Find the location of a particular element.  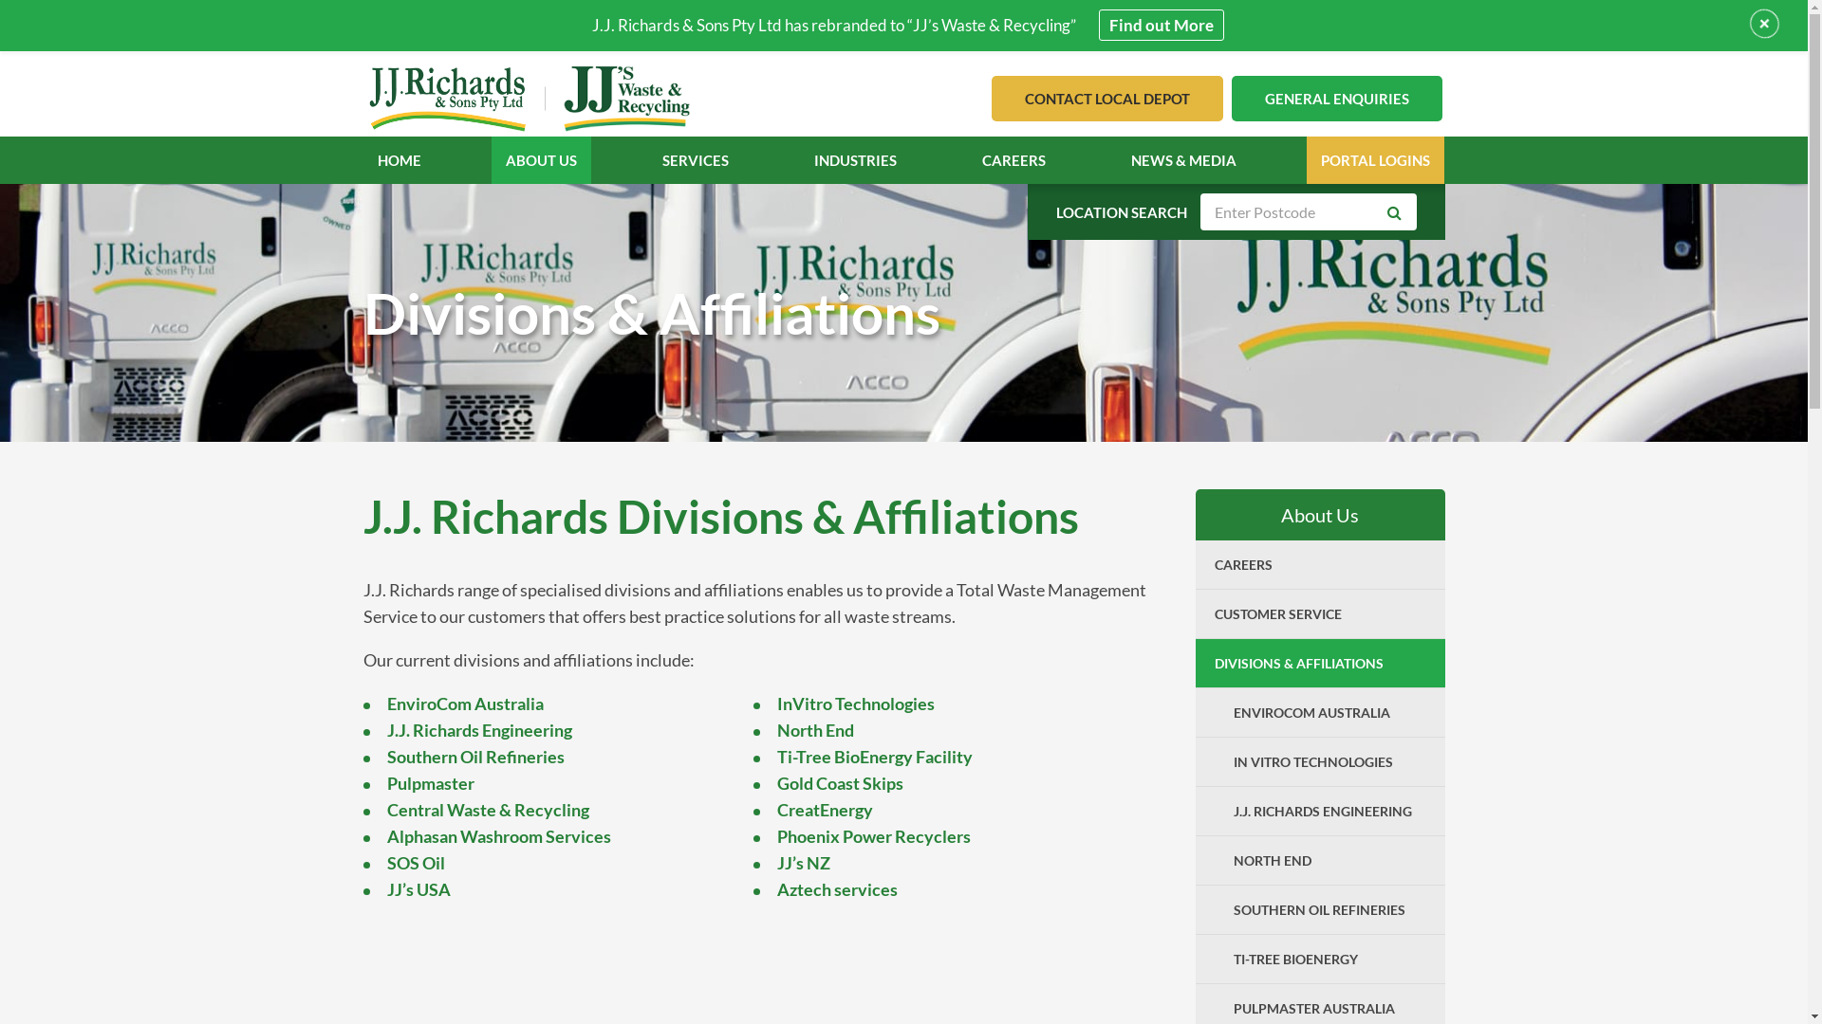

'DIVISIONS & AFFILIATIONS' is located at coordinates (1319, 662).